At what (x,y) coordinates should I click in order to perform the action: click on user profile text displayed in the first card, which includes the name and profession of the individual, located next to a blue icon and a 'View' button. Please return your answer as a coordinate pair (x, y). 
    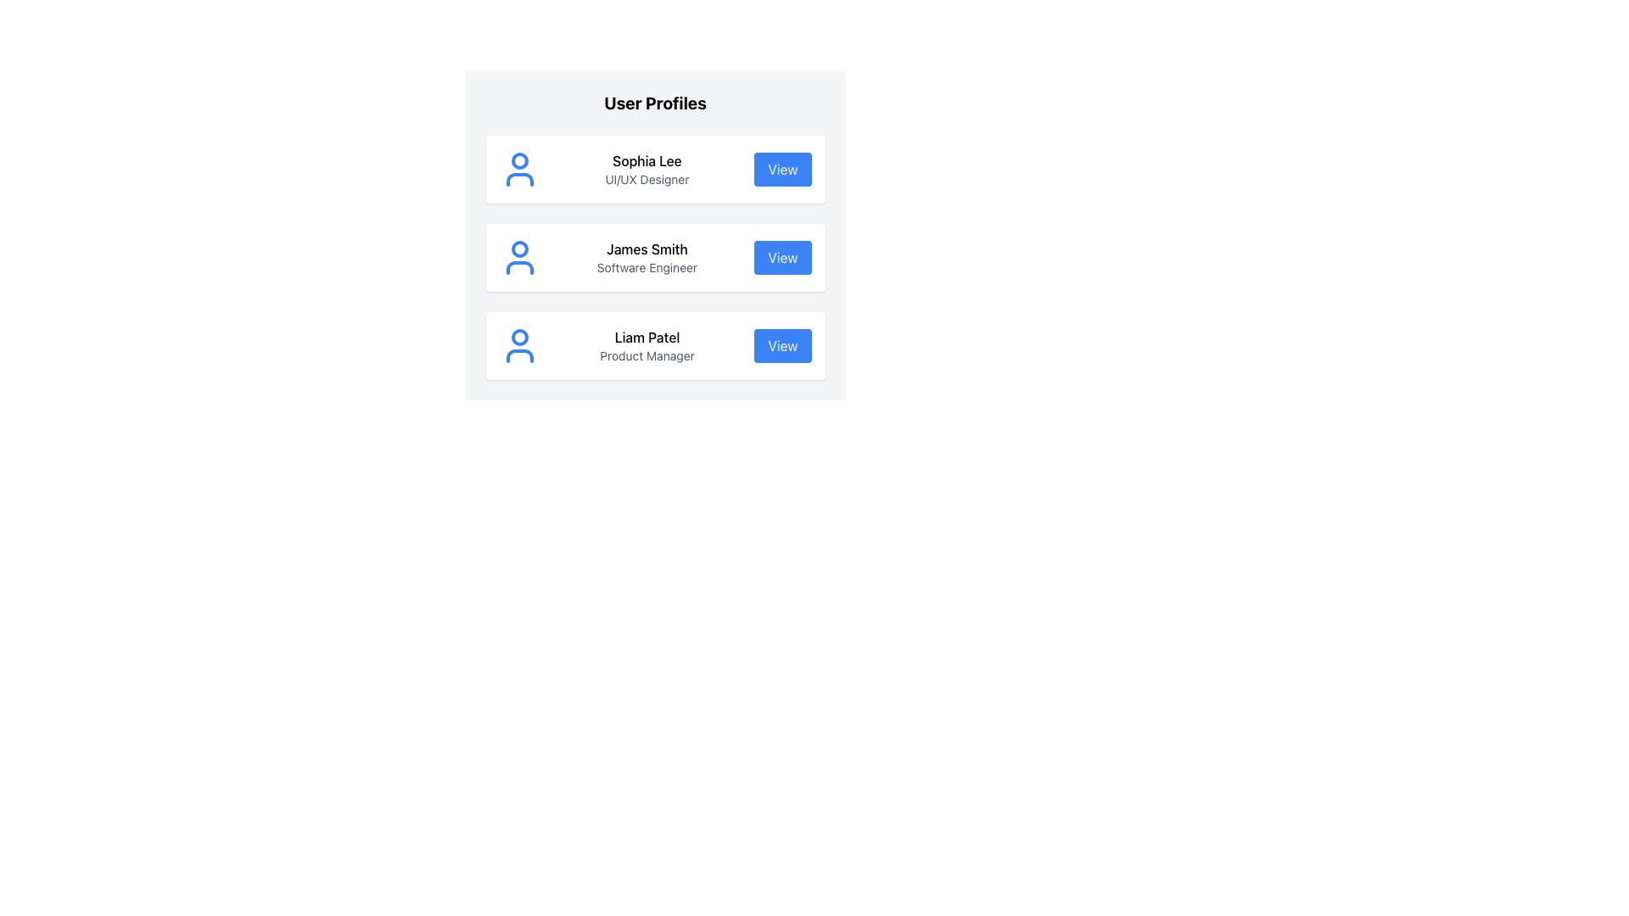
    Looking at the image, I should click on (647, 170).